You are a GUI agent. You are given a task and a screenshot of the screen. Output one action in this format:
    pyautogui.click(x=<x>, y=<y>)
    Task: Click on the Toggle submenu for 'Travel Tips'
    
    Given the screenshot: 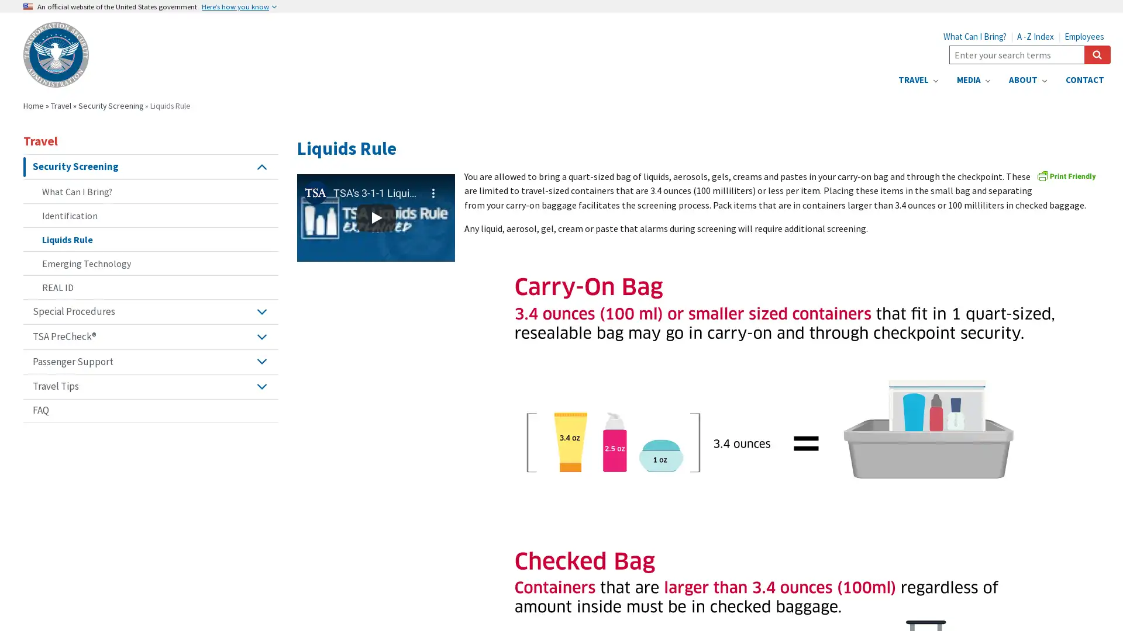 What is the action you would take?
    pyautogui.click(x=261, y=387)
    